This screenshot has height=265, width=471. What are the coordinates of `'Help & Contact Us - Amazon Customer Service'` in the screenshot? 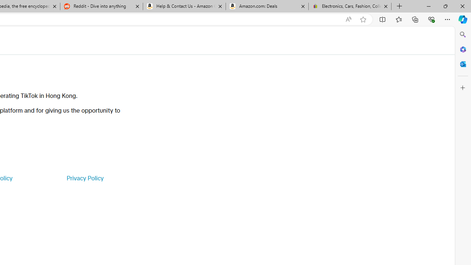 It's located at (184, 6).